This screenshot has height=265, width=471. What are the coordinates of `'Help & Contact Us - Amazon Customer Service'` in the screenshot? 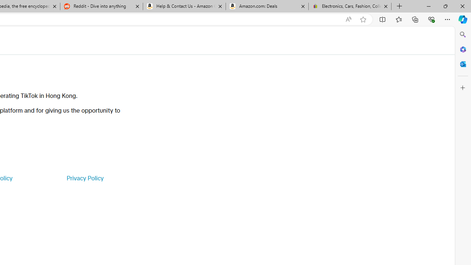 It's located at (184, 6).